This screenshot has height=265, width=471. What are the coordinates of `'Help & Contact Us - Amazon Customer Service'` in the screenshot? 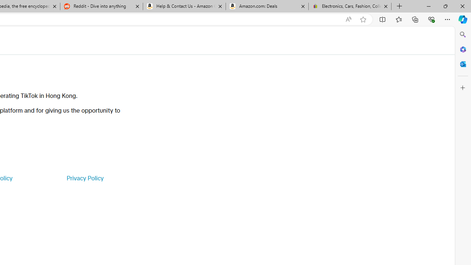 It's located at (184, 6).